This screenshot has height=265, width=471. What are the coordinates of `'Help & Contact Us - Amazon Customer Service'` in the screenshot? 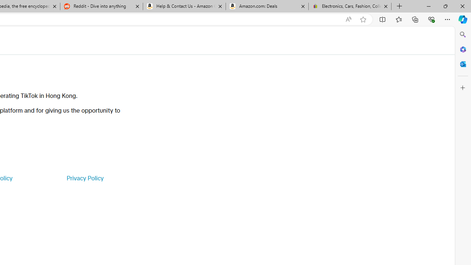 It's located at (184, 6).